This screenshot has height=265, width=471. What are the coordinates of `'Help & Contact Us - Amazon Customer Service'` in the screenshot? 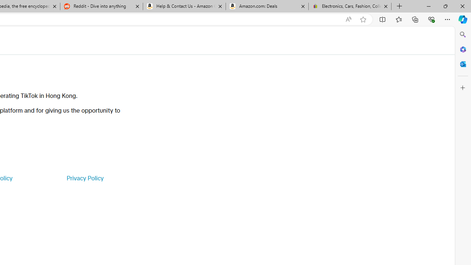 It's located at (184, 6).